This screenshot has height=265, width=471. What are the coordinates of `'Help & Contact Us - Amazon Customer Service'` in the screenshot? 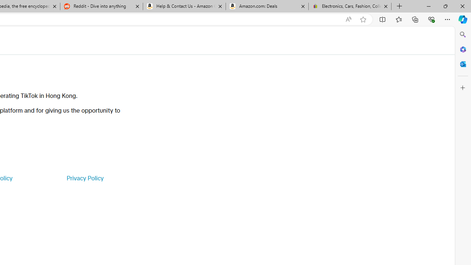 It's located at (184, 6).